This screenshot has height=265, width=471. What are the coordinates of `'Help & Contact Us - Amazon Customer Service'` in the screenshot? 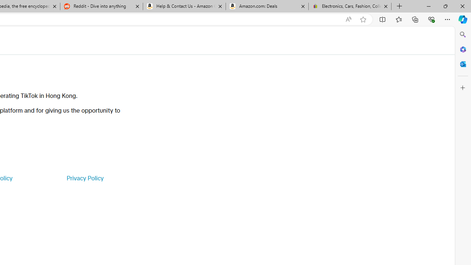 It's located at (184, 6).